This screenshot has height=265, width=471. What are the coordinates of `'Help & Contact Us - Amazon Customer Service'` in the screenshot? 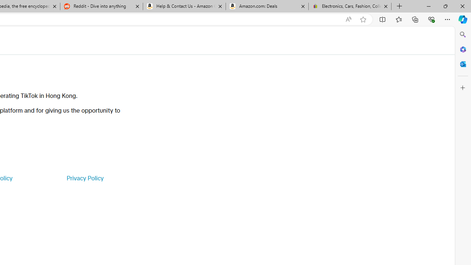 It's located at (184, 6).